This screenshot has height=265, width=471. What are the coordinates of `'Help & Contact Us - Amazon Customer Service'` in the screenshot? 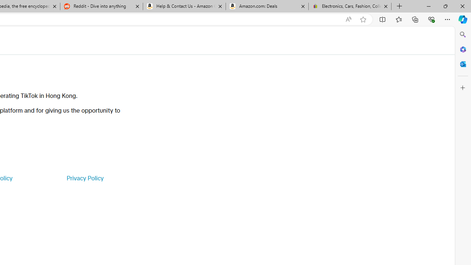 It's located at (184, 6).